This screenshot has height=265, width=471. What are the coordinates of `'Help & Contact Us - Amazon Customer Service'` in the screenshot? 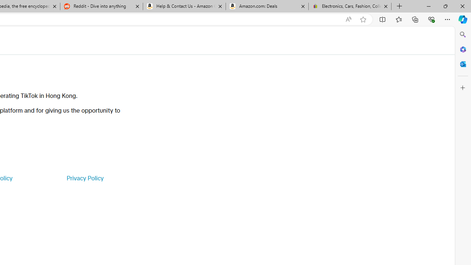 It's located at (184, 6).